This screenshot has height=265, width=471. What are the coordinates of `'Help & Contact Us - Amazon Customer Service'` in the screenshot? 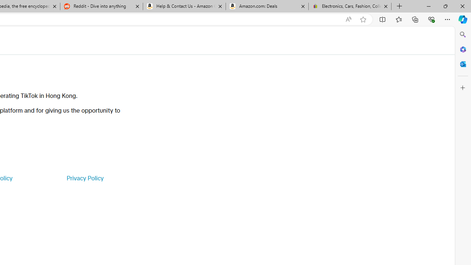 It's located at (184, 6).